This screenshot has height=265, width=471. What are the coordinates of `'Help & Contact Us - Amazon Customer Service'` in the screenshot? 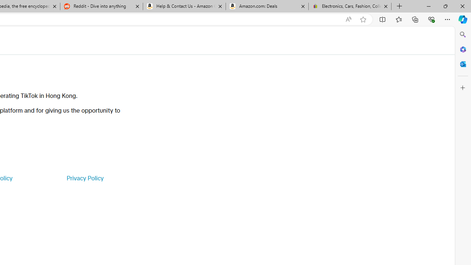 It's located at (184, 6).